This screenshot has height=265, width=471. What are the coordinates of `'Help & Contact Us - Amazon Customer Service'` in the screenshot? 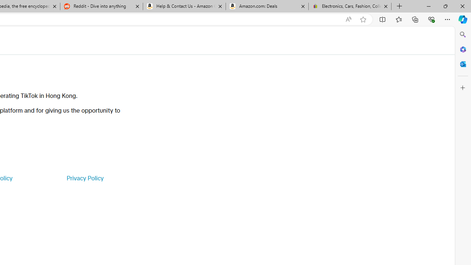 It's located at (184, 6).